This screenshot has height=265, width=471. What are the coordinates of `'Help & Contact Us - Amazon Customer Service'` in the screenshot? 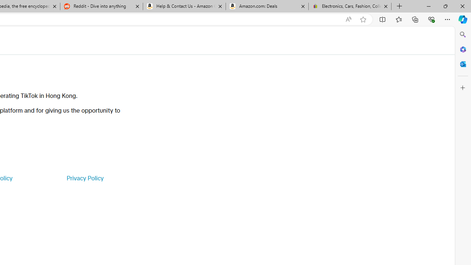 It's located at (184, 6).